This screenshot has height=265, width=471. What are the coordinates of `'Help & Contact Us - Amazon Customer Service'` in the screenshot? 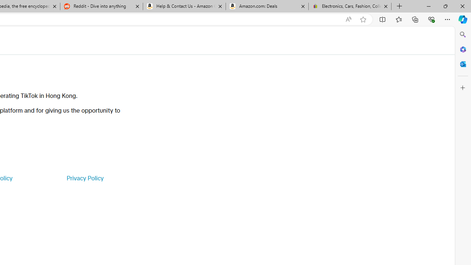 It's located at (184, 6).